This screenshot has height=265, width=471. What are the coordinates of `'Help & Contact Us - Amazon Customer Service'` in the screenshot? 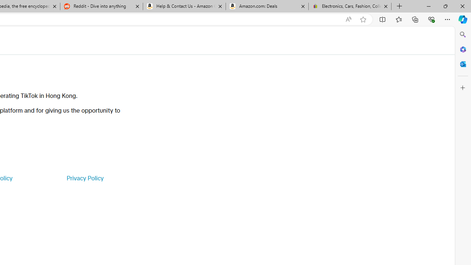 It's located at (184, 6).